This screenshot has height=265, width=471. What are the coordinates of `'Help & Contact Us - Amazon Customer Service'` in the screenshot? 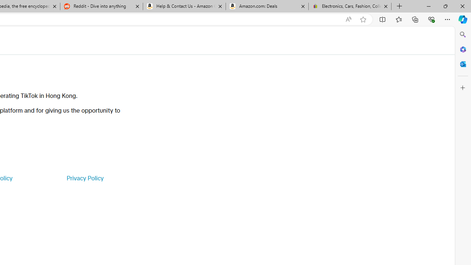 It's located at (184, 6).